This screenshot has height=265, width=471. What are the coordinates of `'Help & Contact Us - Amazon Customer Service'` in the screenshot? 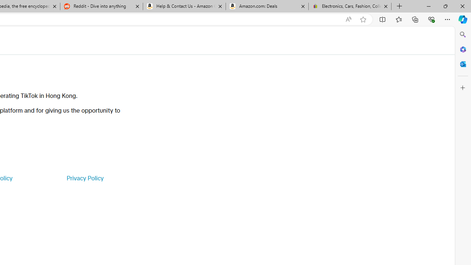 It's located at (184, 6).